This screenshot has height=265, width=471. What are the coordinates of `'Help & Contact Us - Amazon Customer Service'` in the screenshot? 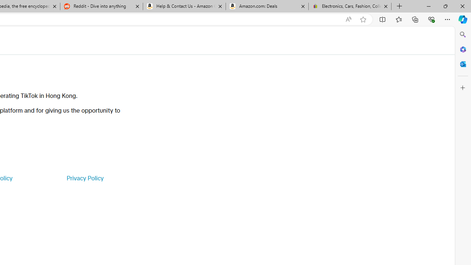 It's located at (184, 6).